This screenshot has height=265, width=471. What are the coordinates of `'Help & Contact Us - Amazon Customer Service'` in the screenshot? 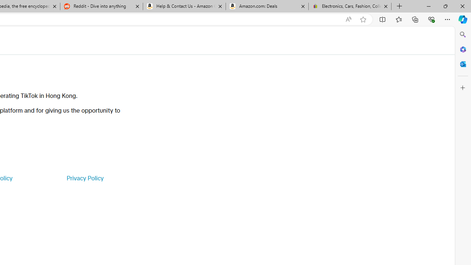 It's located at (184, 6).